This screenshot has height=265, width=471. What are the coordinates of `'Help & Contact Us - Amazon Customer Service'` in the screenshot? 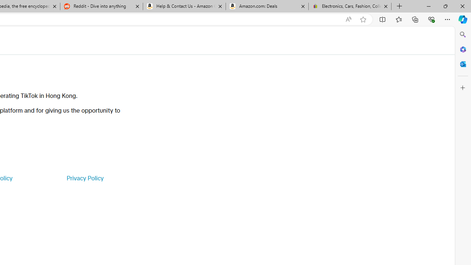 It's located at (184, 6).